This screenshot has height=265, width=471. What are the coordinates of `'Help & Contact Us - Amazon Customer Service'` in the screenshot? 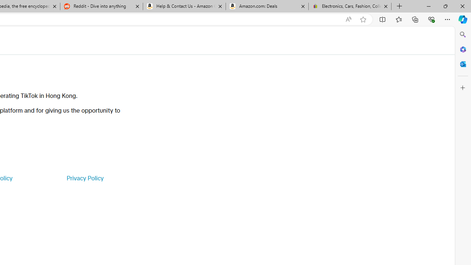 It's located at (184, 6).